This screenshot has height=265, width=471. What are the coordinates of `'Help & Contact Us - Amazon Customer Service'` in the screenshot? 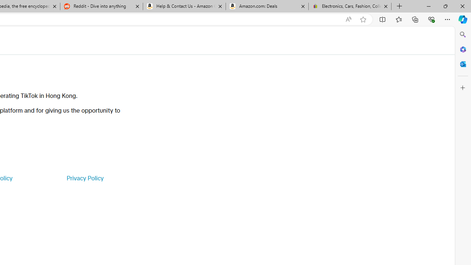 It's located at (184, 6).